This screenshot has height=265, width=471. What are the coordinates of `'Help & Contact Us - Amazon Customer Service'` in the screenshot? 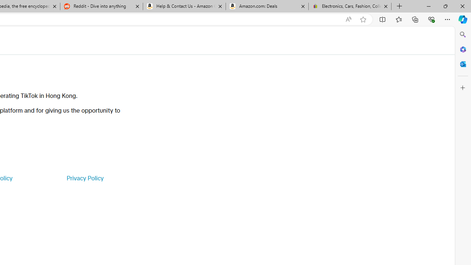 It's located at (184, 6).